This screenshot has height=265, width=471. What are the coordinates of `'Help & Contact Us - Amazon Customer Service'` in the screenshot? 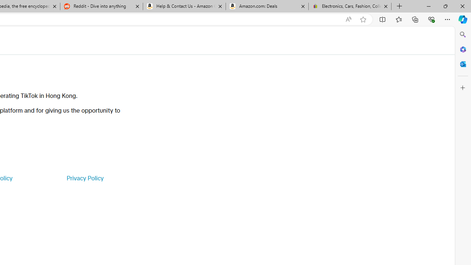 It's located at (184, 6).